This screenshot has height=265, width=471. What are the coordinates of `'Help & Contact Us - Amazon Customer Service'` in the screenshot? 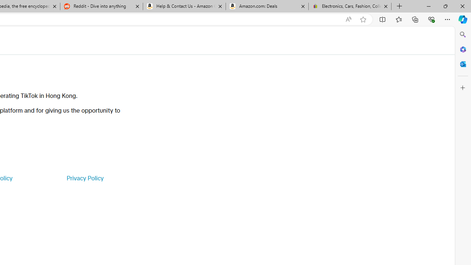 It's located at (184, 6).